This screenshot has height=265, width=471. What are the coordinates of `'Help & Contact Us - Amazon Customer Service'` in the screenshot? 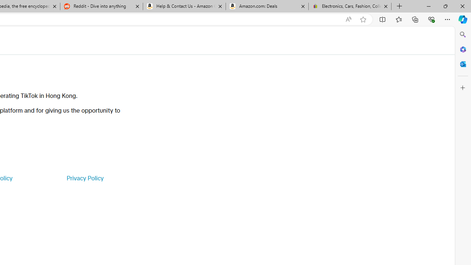 It's located at (184, 6).